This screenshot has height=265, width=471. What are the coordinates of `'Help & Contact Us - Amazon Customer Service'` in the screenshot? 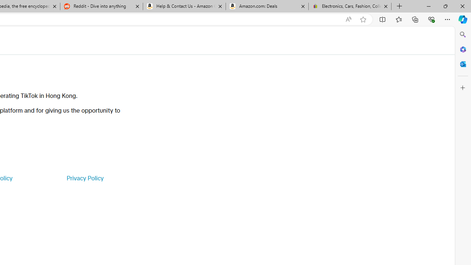 It's located at (184, 6).